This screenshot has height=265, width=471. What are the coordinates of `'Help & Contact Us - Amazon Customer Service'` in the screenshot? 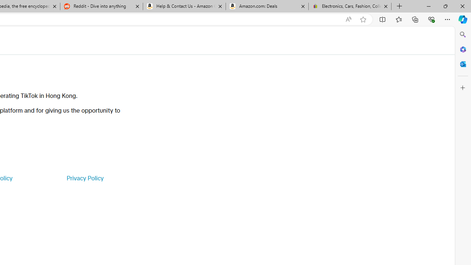 It's located at (184, 6).